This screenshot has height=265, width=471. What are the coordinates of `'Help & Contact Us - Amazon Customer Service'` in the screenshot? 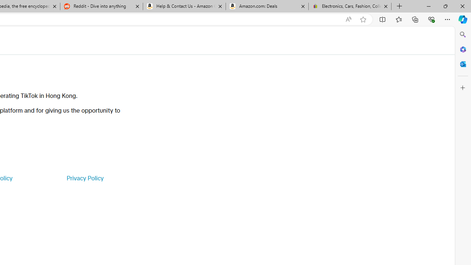 It's located at (184, 6).